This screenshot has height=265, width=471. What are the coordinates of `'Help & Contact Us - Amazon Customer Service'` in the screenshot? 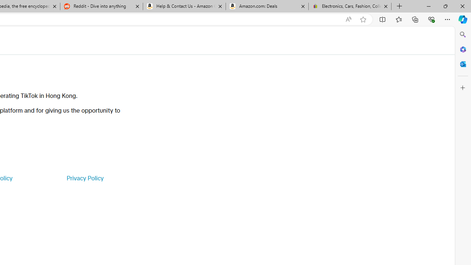 It's located at (184, 6).